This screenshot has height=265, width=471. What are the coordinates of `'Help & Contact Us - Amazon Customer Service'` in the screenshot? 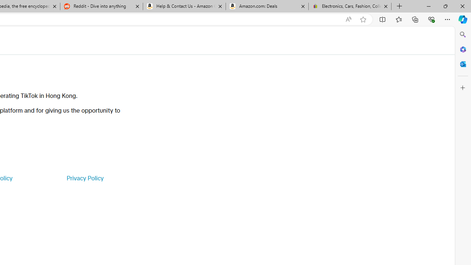 It's located at (184, 6).